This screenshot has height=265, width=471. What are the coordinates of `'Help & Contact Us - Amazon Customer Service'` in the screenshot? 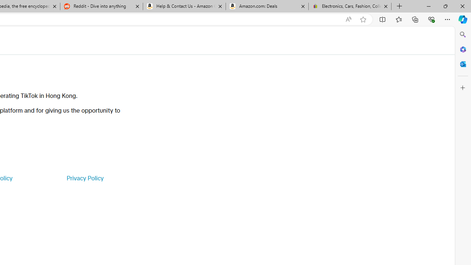 It's located at (184, 6).